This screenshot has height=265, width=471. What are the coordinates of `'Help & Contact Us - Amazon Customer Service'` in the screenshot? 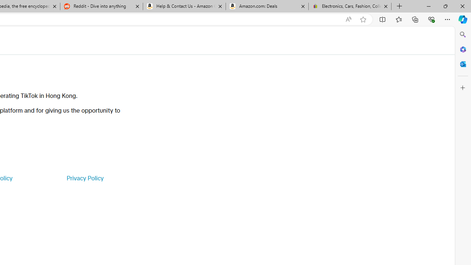 It's located at (184, 6).